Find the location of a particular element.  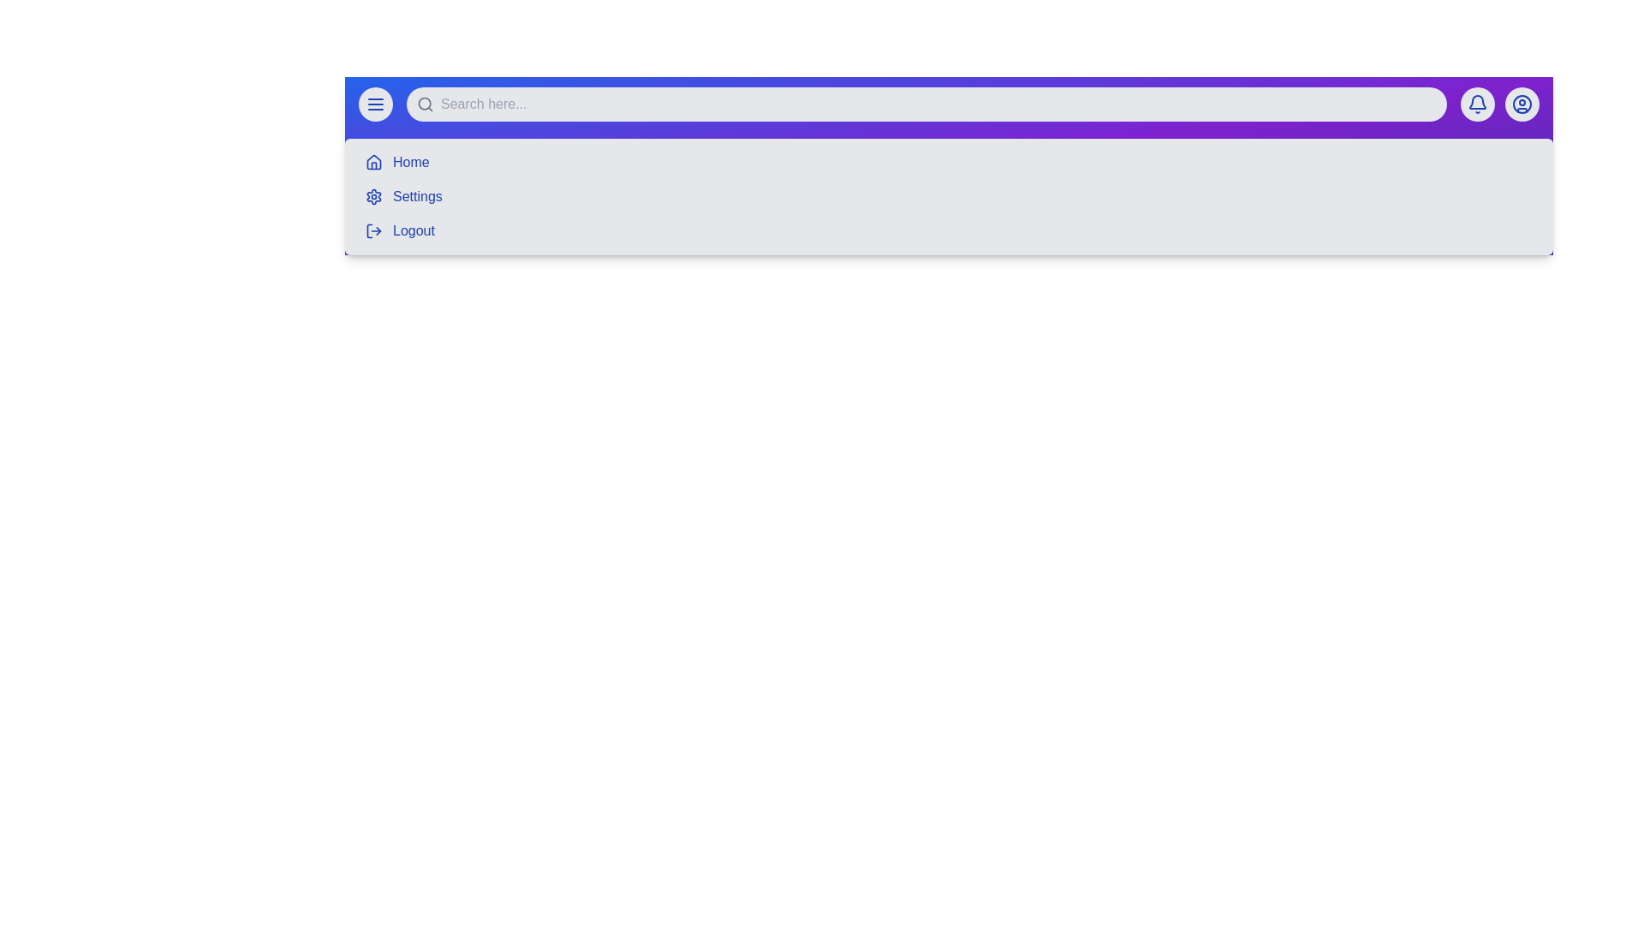

the menu button to toggle the menu is located at coordinates (374, 104).